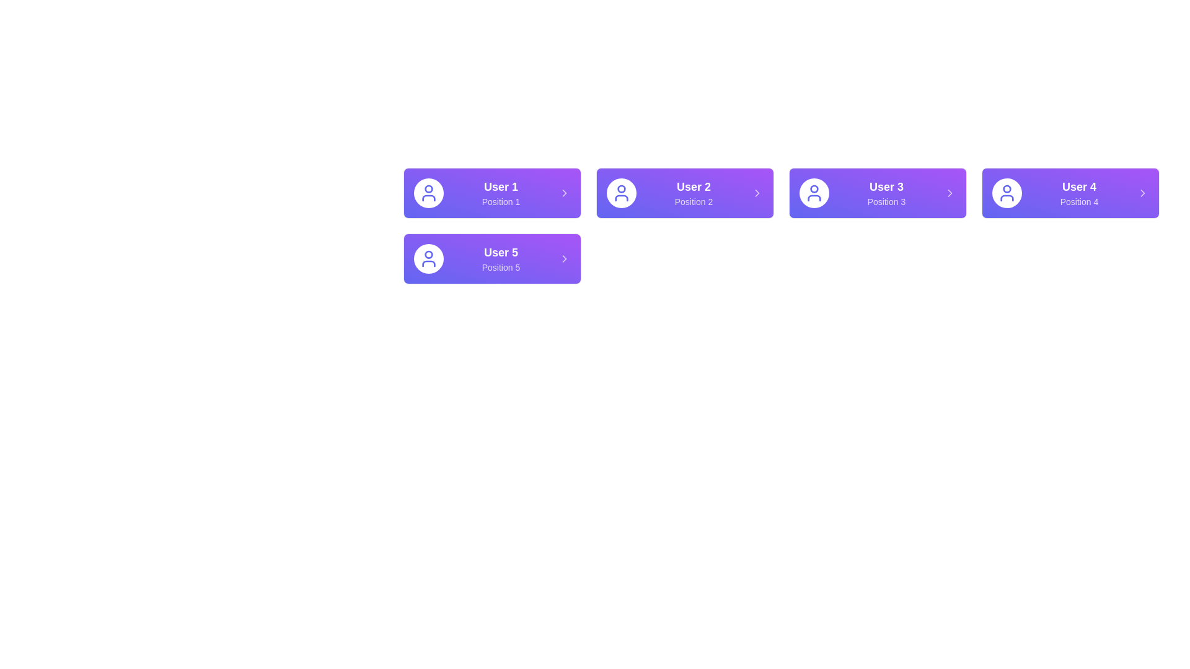  Describe the element at coordinates (949, 193) in the screenshot. I see `the chevron-shaped icon button located at the right end of the 'User 3 Position 3' card for keyboard navigation` at that location.